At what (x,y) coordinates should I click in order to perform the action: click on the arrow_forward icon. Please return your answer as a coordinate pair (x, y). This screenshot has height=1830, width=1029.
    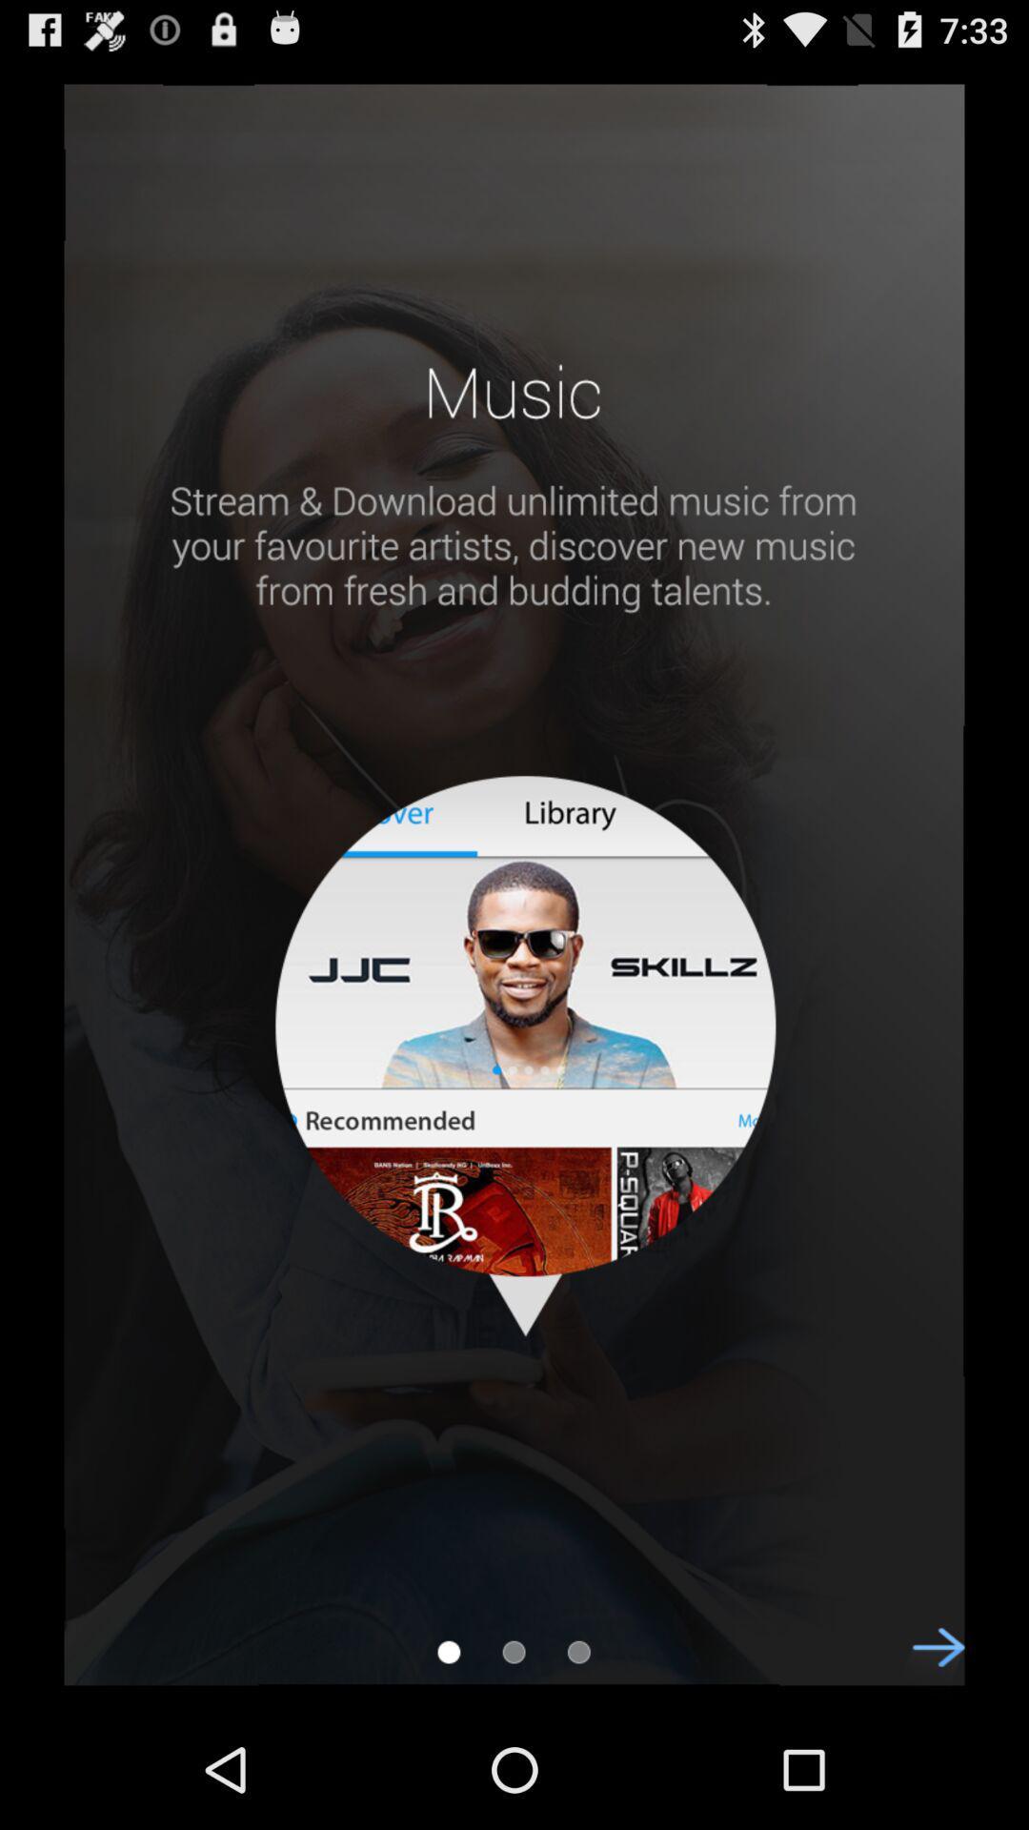
    Looking at the image, I should click on (927, 1780).